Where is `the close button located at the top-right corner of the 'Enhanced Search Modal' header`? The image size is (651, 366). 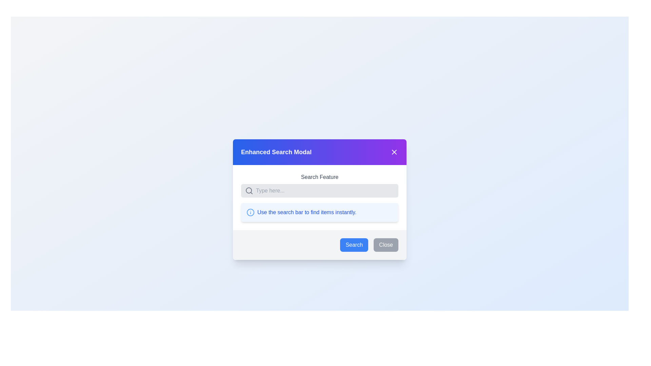 the close button located at the top-right corner of the 'Enhanced Search Modal' header is located at coordinates (394, 151).